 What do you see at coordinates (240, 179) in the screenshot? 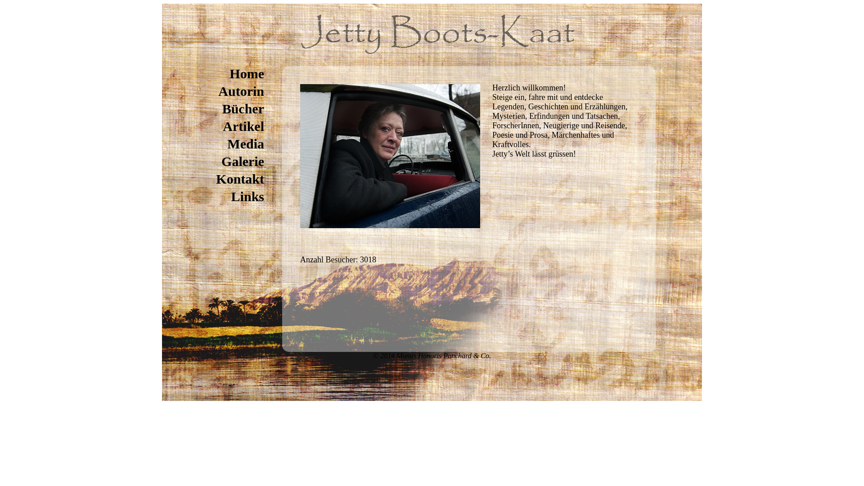
I see `'Kontakt'` at bounding box center [240, 179].